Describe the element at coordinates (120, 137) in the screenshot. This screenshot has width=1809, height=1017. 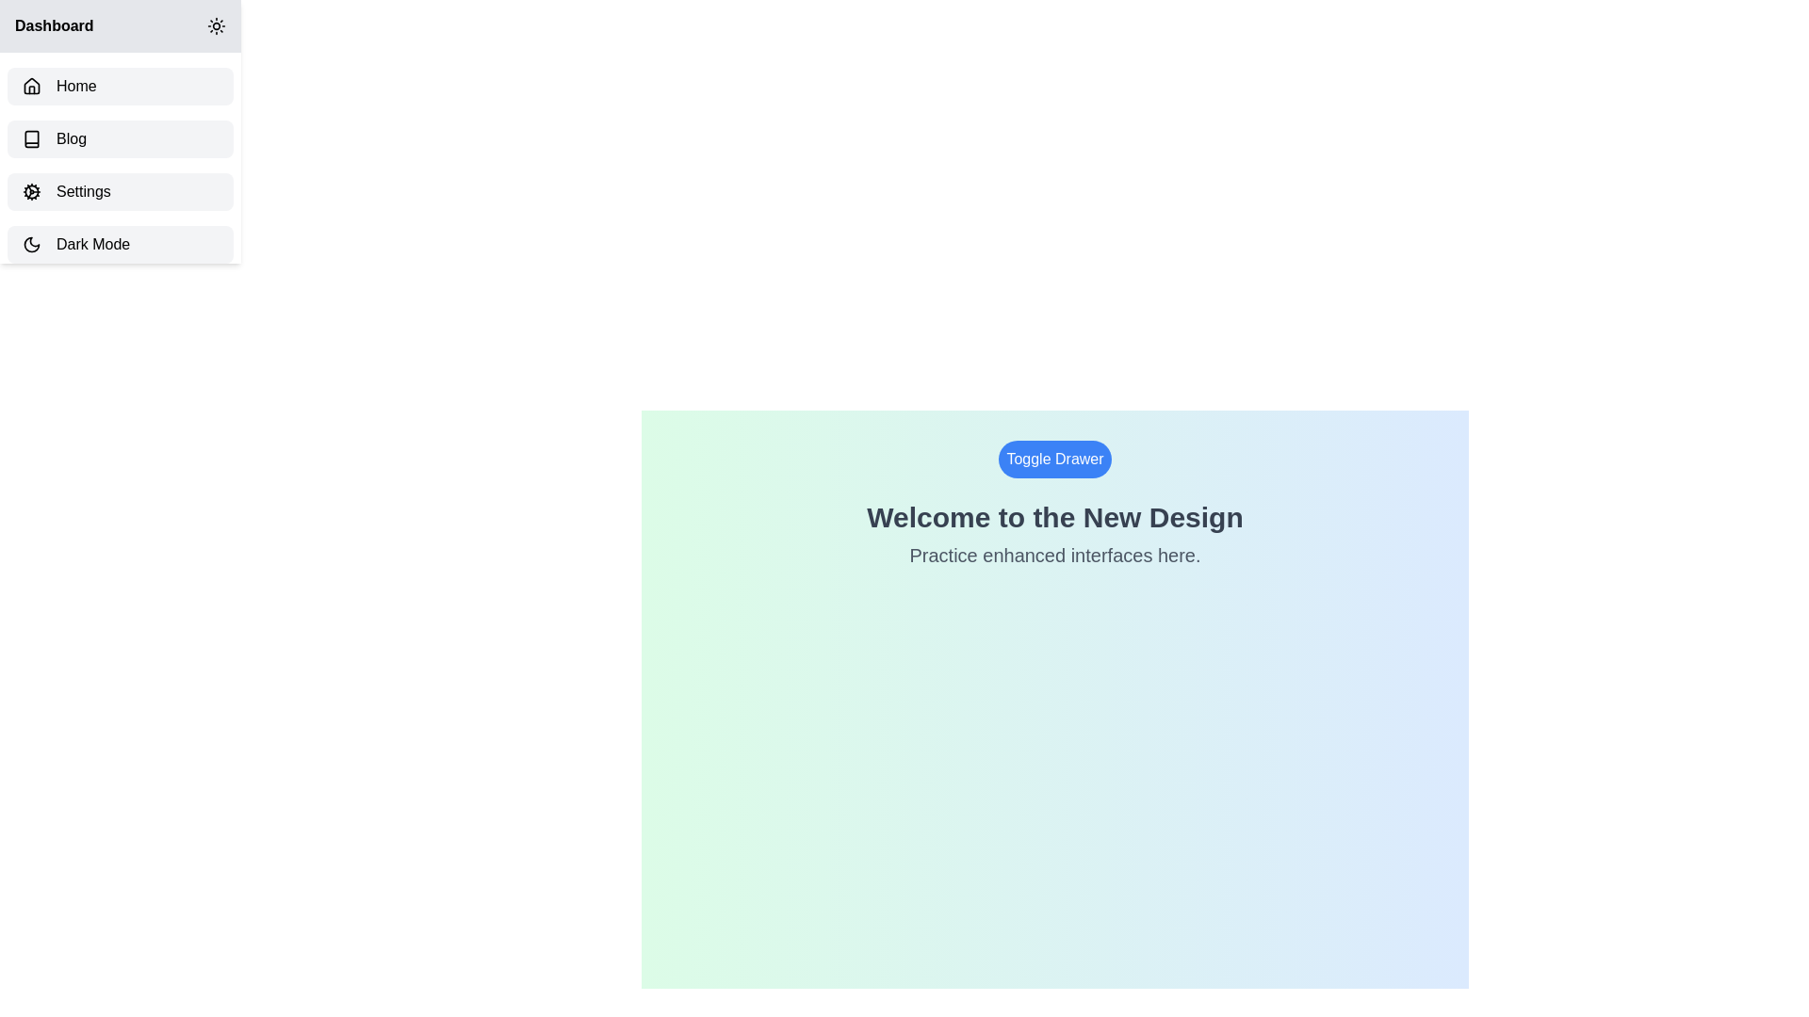
I see `the sidebar item labeled Blog` at that location.